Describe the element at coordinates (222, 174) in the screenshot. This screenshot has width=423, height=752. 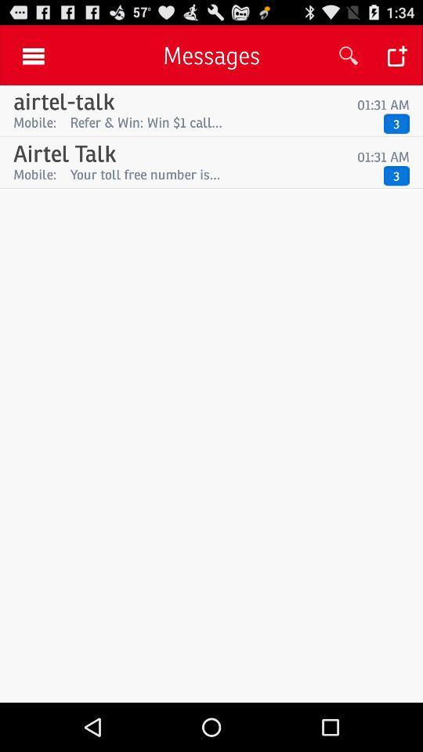
I see `the app below 01:31 am` at that location.